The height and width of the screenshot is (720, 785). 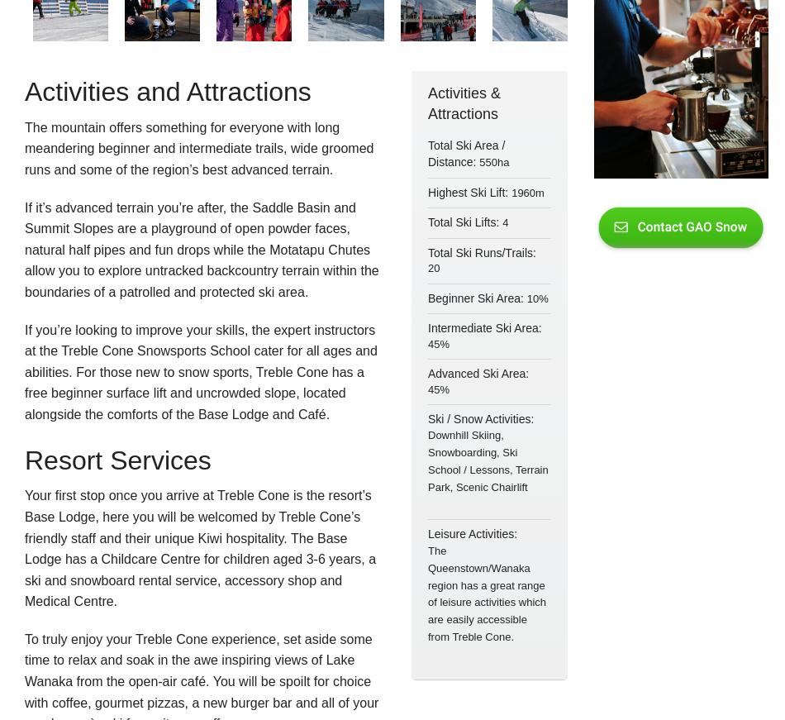 I want to click on '4', so click(x=505, y=222).